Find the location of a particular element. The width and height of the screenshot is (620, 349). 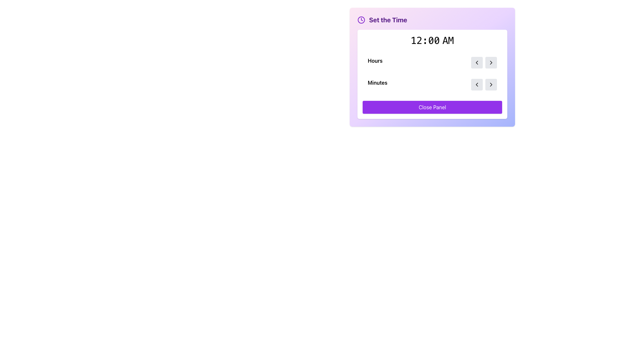

the vibrant purple 'Close Panel' button with rounded corners, which is centered beneath the 'Hours' and 'Minutes' rows in the 'Set the Time' panel is located at coordinates (432, 107).